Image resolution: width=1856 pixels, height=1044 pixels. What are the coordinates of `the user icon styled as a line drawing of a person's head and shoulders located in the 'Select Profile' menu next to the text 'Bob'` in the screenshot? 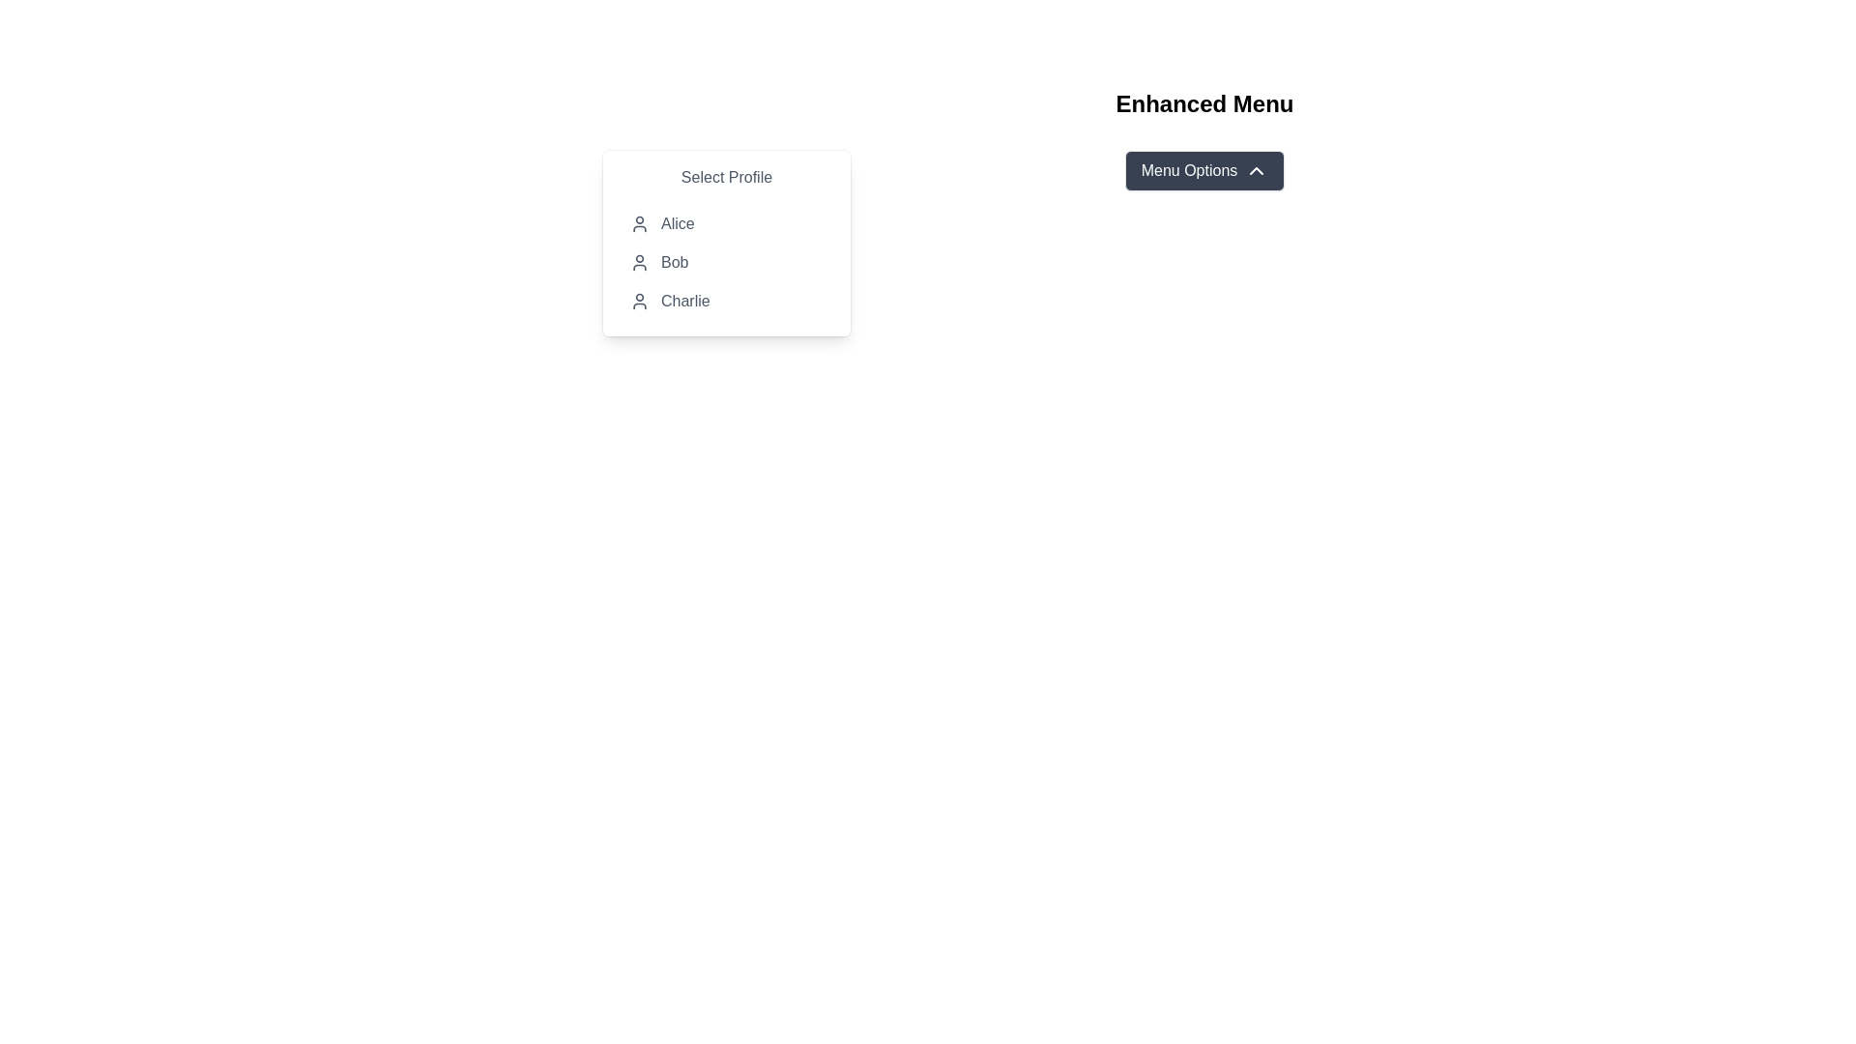 It's located at (640, 263).